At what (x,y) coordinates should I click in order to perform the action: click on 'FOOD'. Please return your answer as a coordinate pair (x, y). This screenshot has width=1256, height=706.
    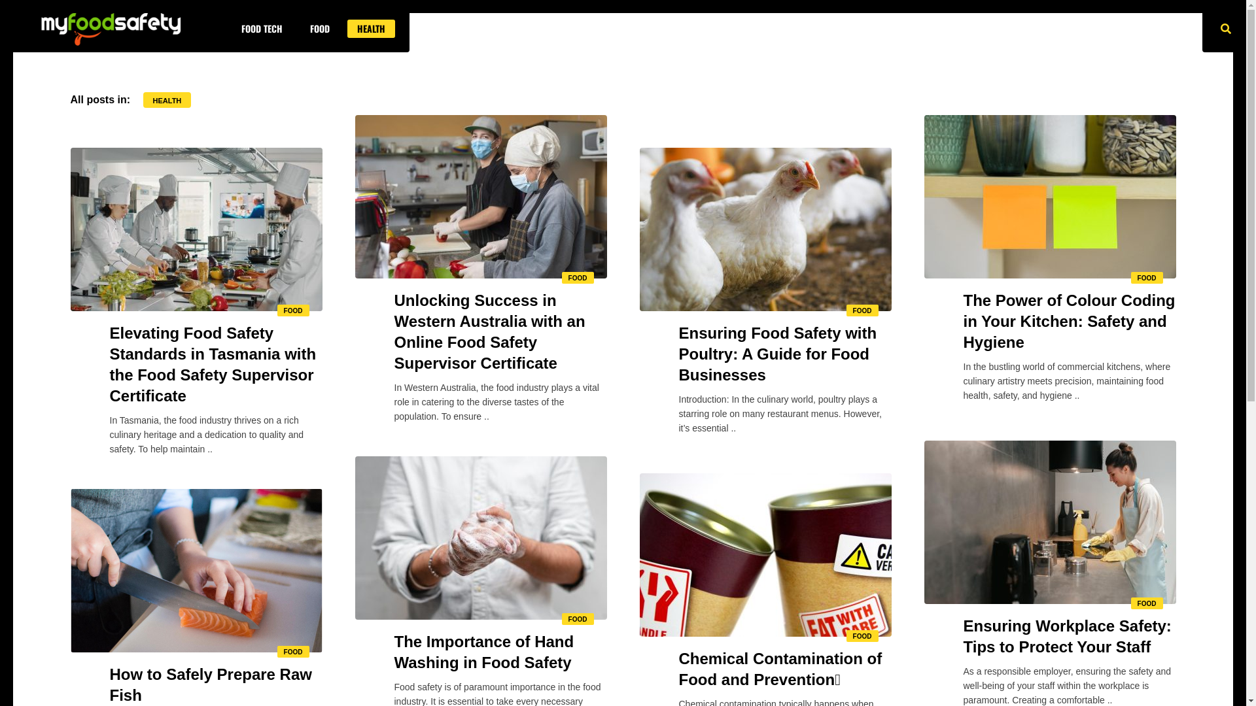
    Looking at the image, I should click on (577, 277).